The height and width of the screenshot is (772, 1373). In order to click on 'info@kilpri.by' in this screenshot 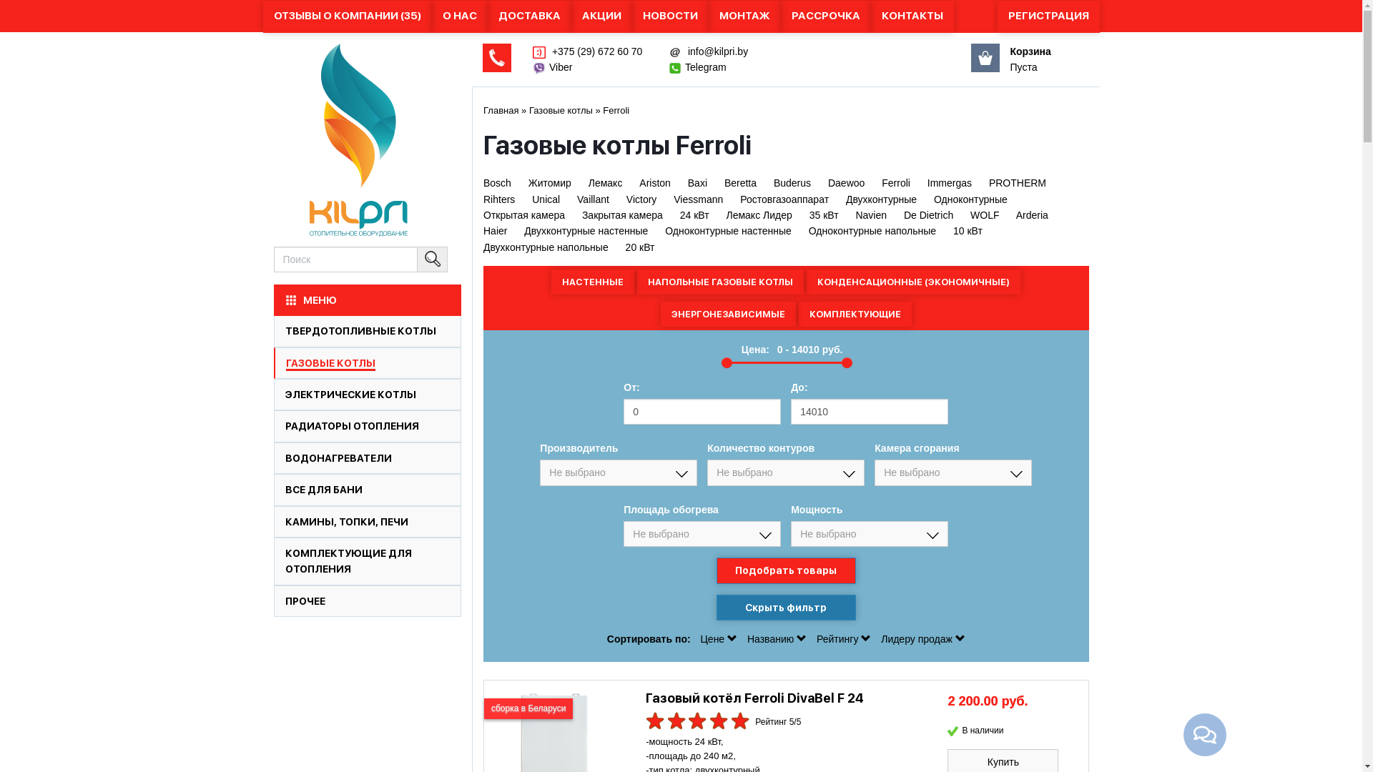, I will do `click(717, 51)`.